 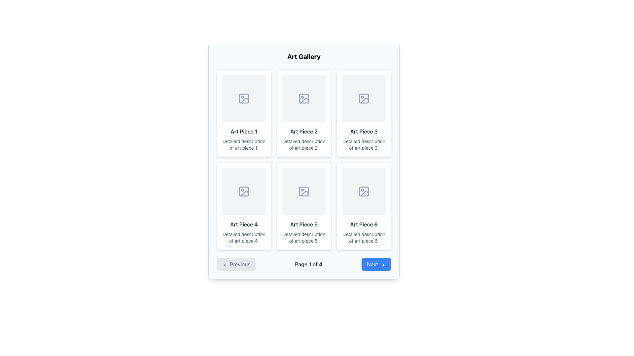 I want to click on the text label displaying 'Art Piece 5', which is positioned as the title for its associated gallery card in a 3x2 grid layout, so click(x=303, y=224).